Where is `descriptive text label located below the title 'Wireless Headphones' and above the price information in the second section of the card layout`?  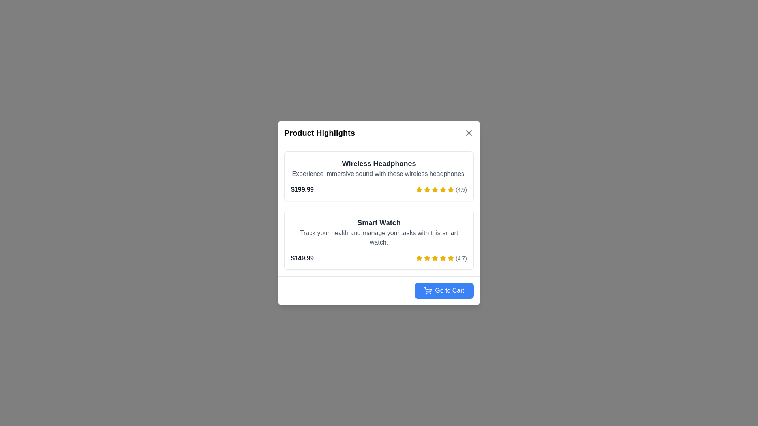 descriptive text label located below the title 'Wireless Headphones' and above the price information in the second section of the card layout is located at coordinates (379, 173).